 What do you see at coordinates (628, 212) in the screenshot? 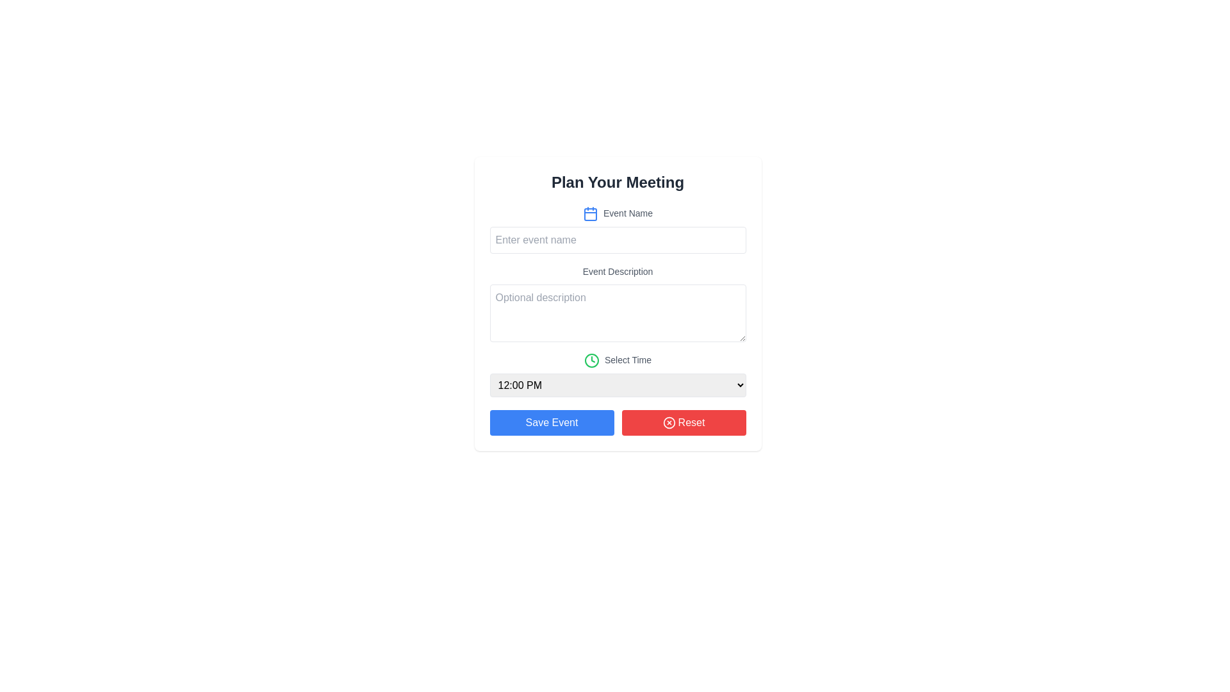
I see `the informative Text label indicating the purpose of the input field for entering the event name, located in the upper-middle area of the 'Plan Your Meeting' form, to the right of the calendar icon` at bounding box center [628, 212].